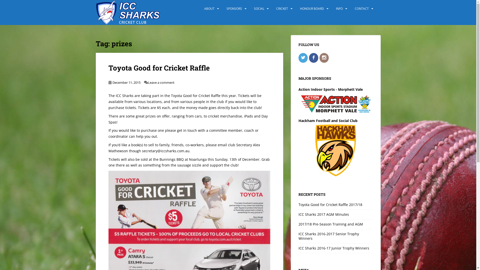 Image resolution: width=480 pixels, height=270 pixels. Describe the element at coordinates (324, 214) in the screenshot. I see `'ICC Sharks 2017 AGM Minutes'` at that location.